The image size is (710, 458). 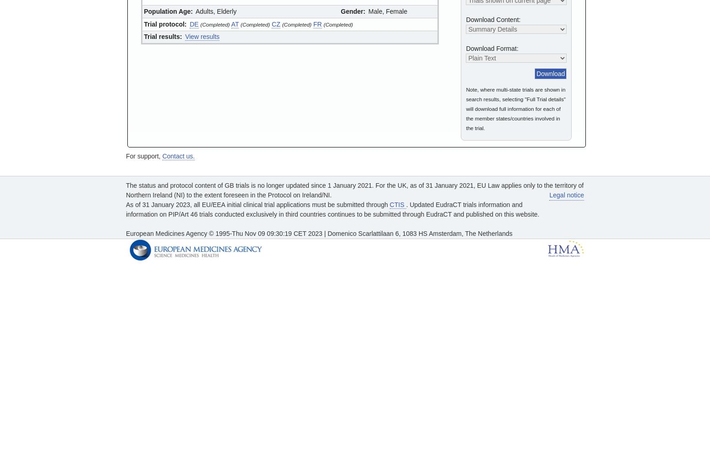 What do you see at coordinates (164, 24) in the screenshot?
I see `'Trial protocol:'` at bounding box center [164, 24].